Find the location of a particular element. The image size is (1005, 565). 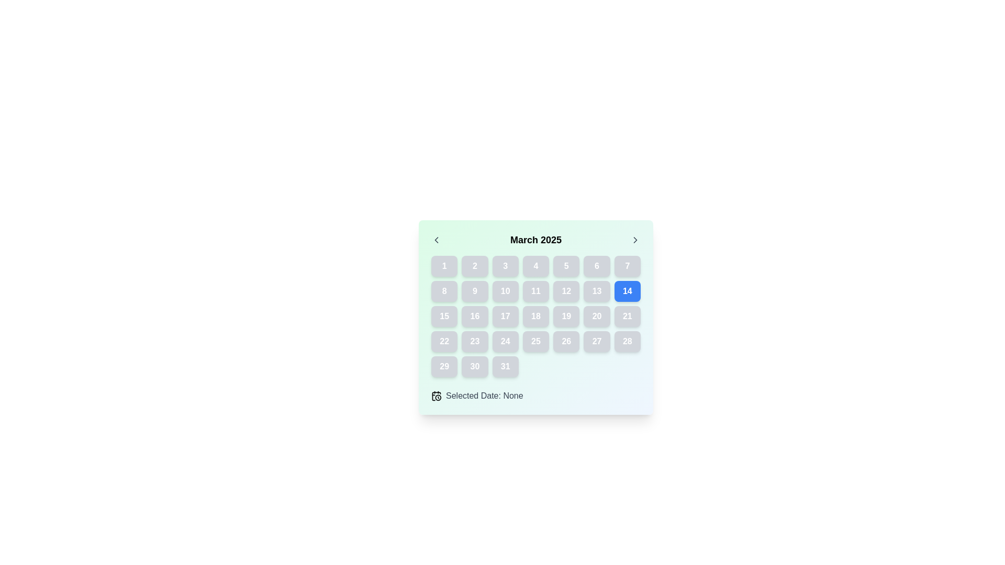

the rounded rectangular button displaying the number '9' located in the second row and second column of the grid to trigger its hover state is located at coordinates (474, 291).